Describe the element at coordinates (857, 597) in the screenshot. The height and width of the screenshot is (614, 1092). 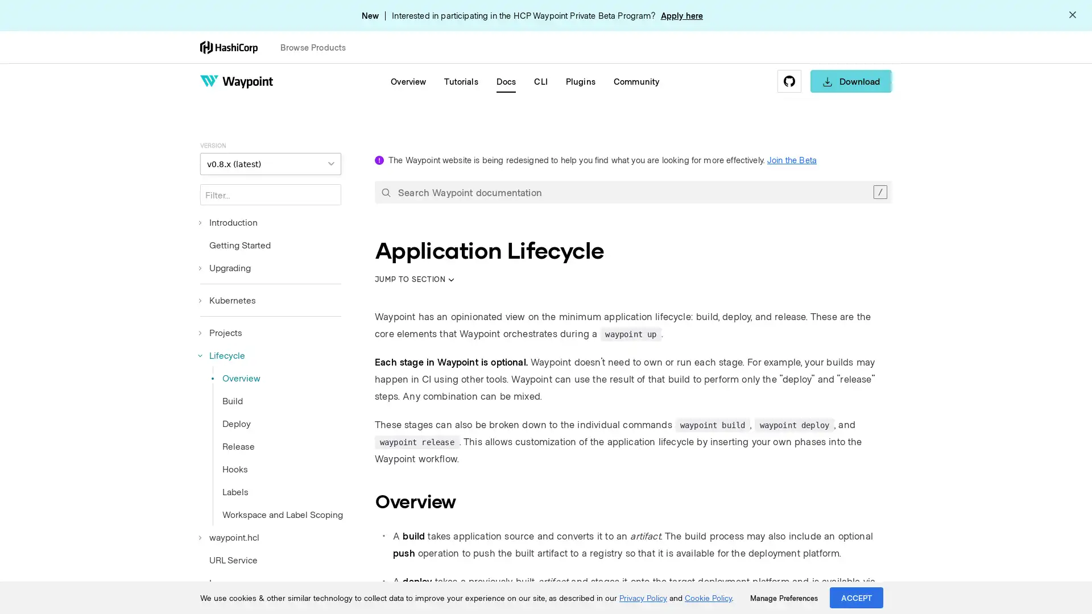
I see `ACCEPT` at that location.